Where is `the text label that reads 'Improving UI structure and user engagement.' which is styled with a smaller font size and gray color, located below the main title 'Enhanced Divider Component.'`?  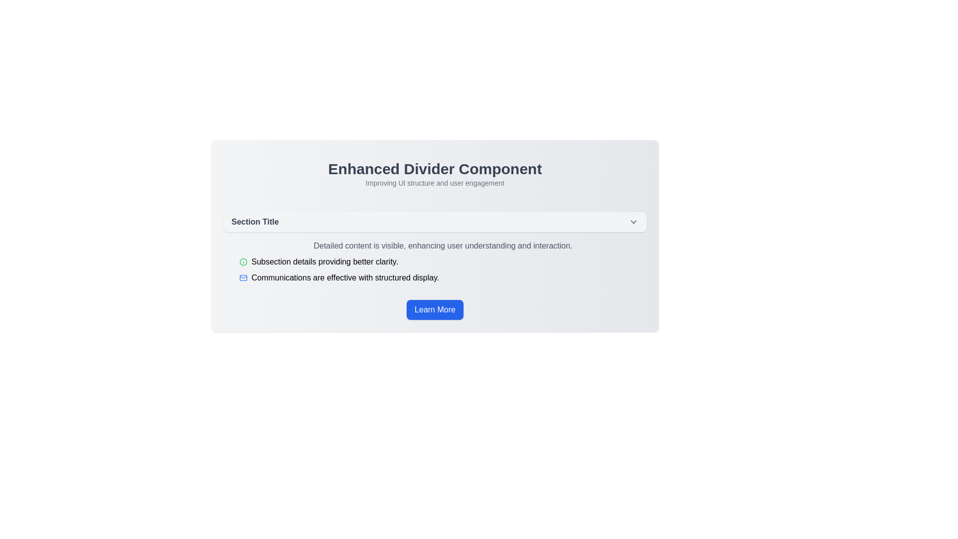 the text label that reads 'Improving UI structure and user engagement.' which is styled with a smaller font size and gray color, located below the main title 'Enhanced Divider Component.' is located at coordinates (435, 183).